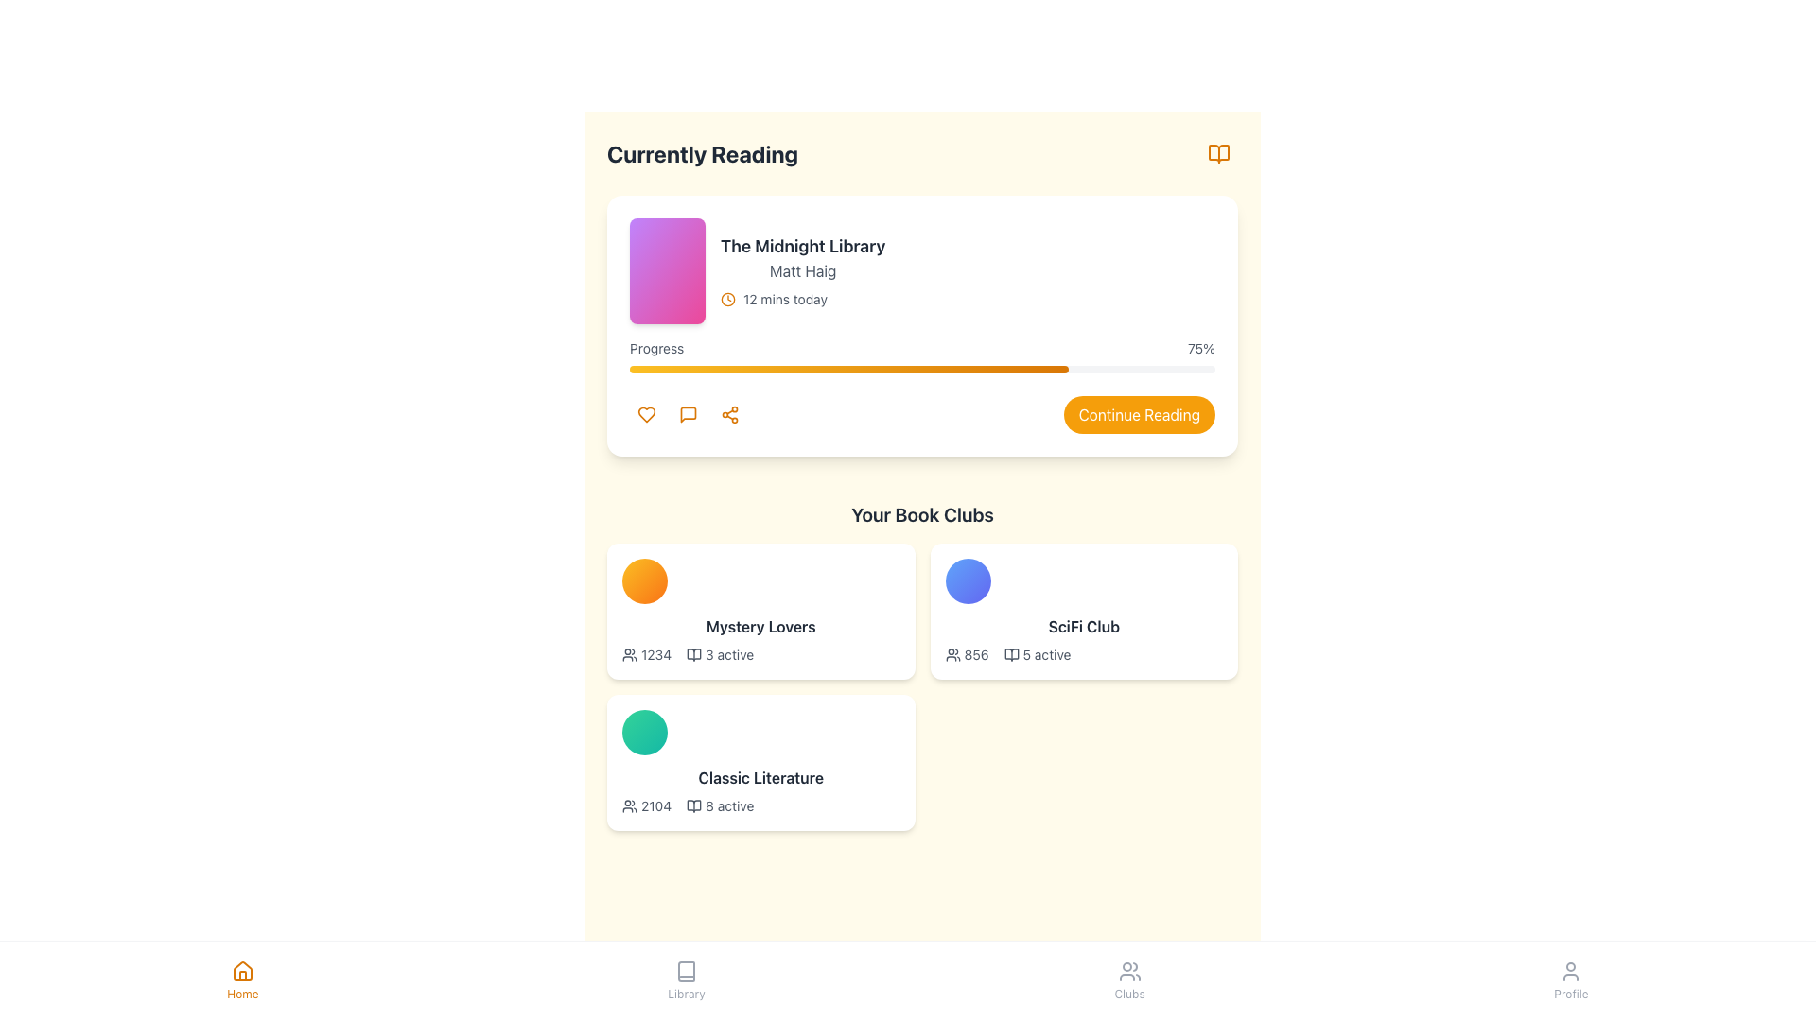 Image resolution: width=1816 pixels, height=1021 pixels. I want to click on the Informational card titled 'Mystery Lovers', which features a white background, rounded corners, an orange gradient icon on the left, and bold text in the center, located under the 'Your Book Clubs' section, so click(760, 612).